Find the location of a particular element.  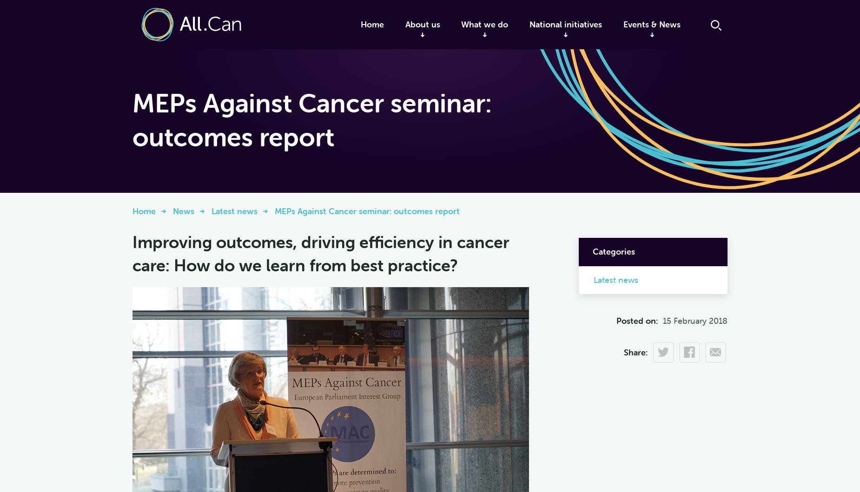

'Events & News' is located at coordinates (652, 24).